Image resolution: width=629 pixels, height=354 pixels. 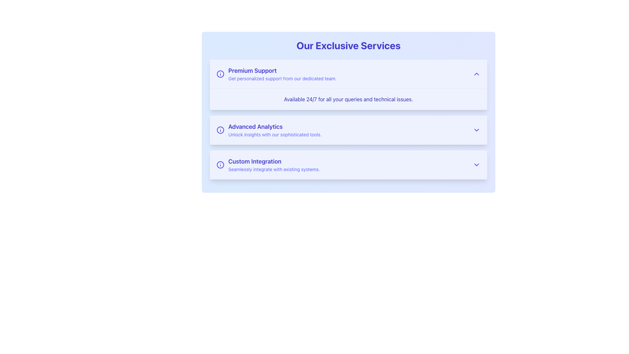 I want to click on the bold, indigo-colored text label stating 'Custom Integration' located within the third box under 'Our Exclusive Services', so click(x=274, y=162).